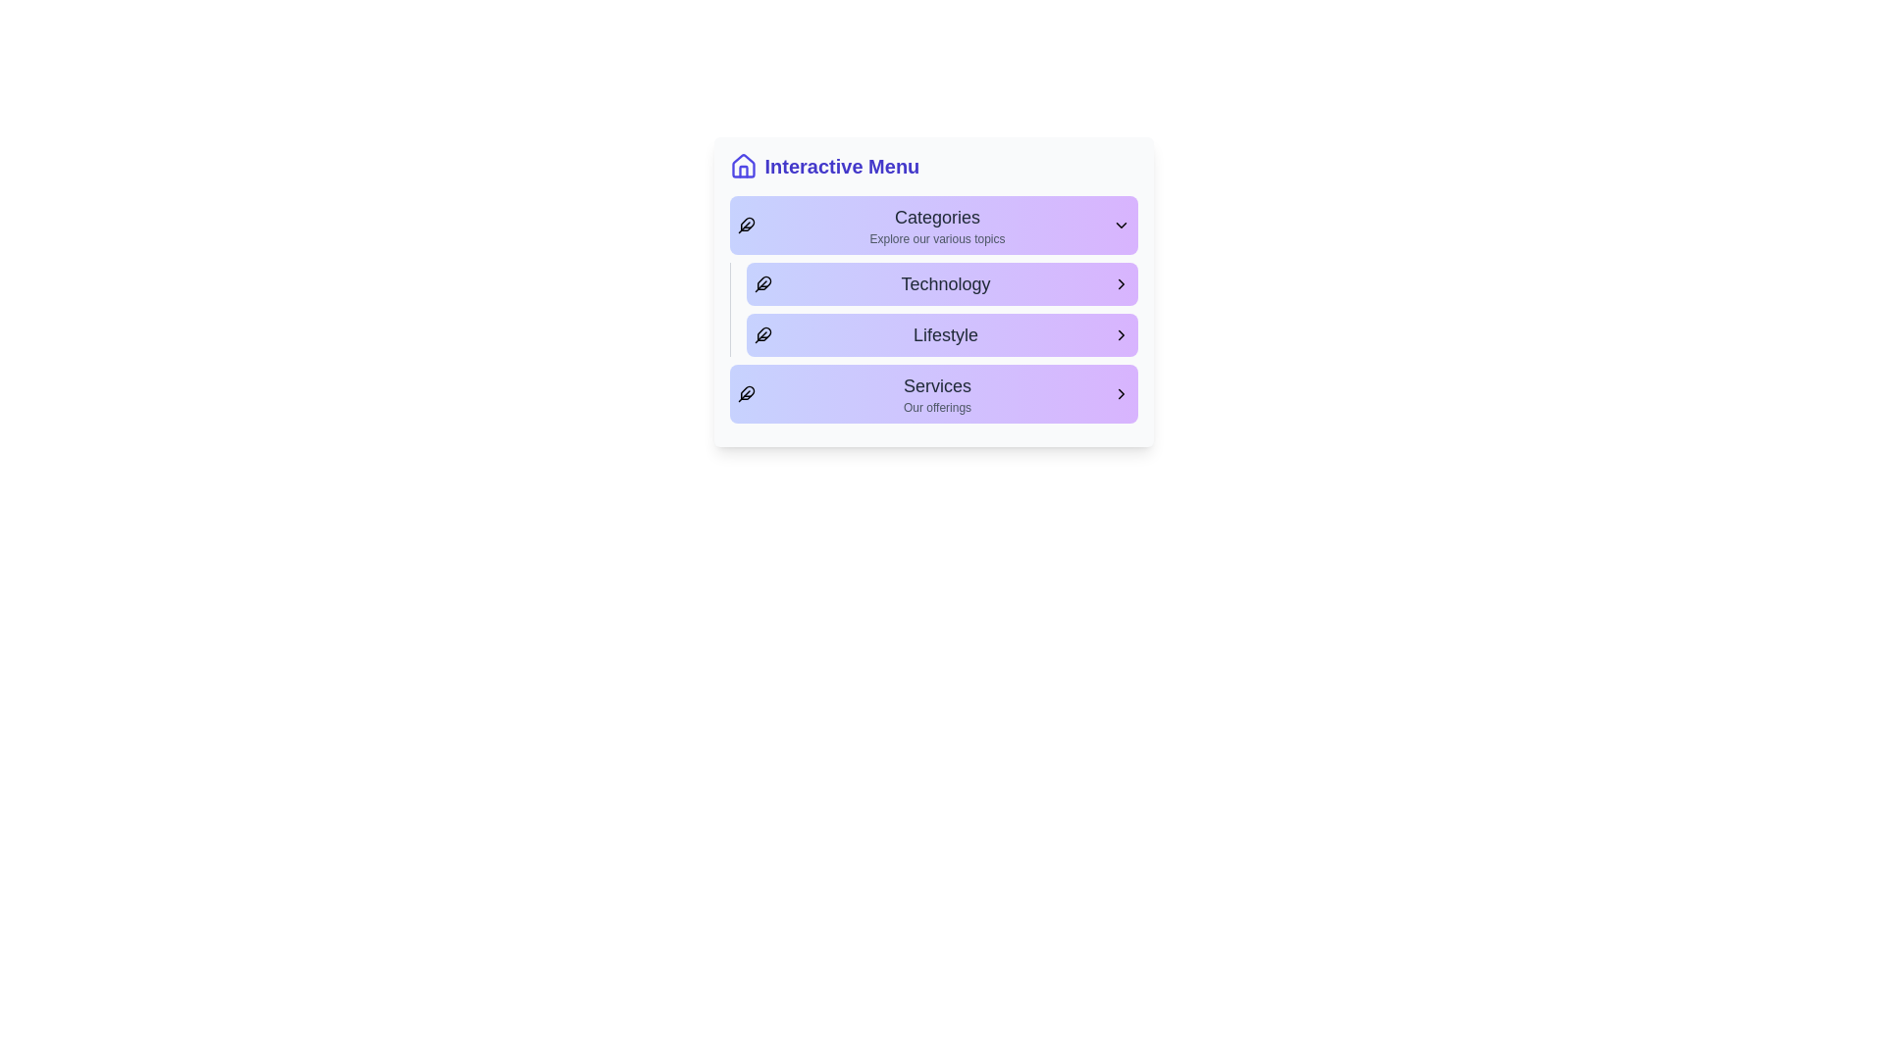 Image resolution: width=1884 pixels, height=1059 pixels. I want to click on static text label displaying the word 'Services' in a bold, medium-sized font, styled with light gray text color, located in the left-center part of a menu with a gradient purple background, so click(936, 385).